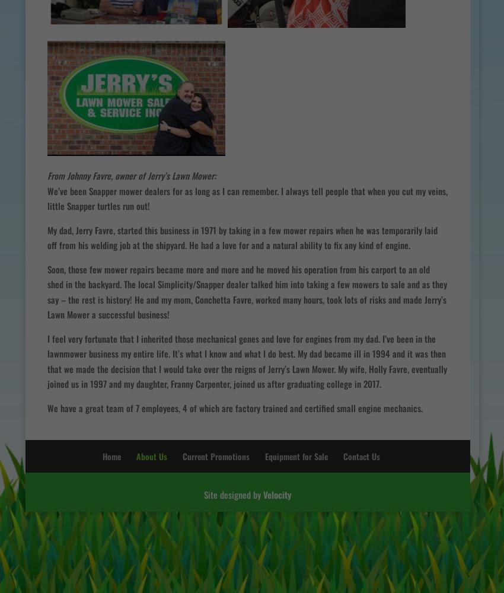 The height and width of the screenshot is (593, 504). Describe the element at coordinates (132, 176) in the screenshot. I see `'From Johnny Favre, owner of Jerry’s Lawn Mower:'` at that location.